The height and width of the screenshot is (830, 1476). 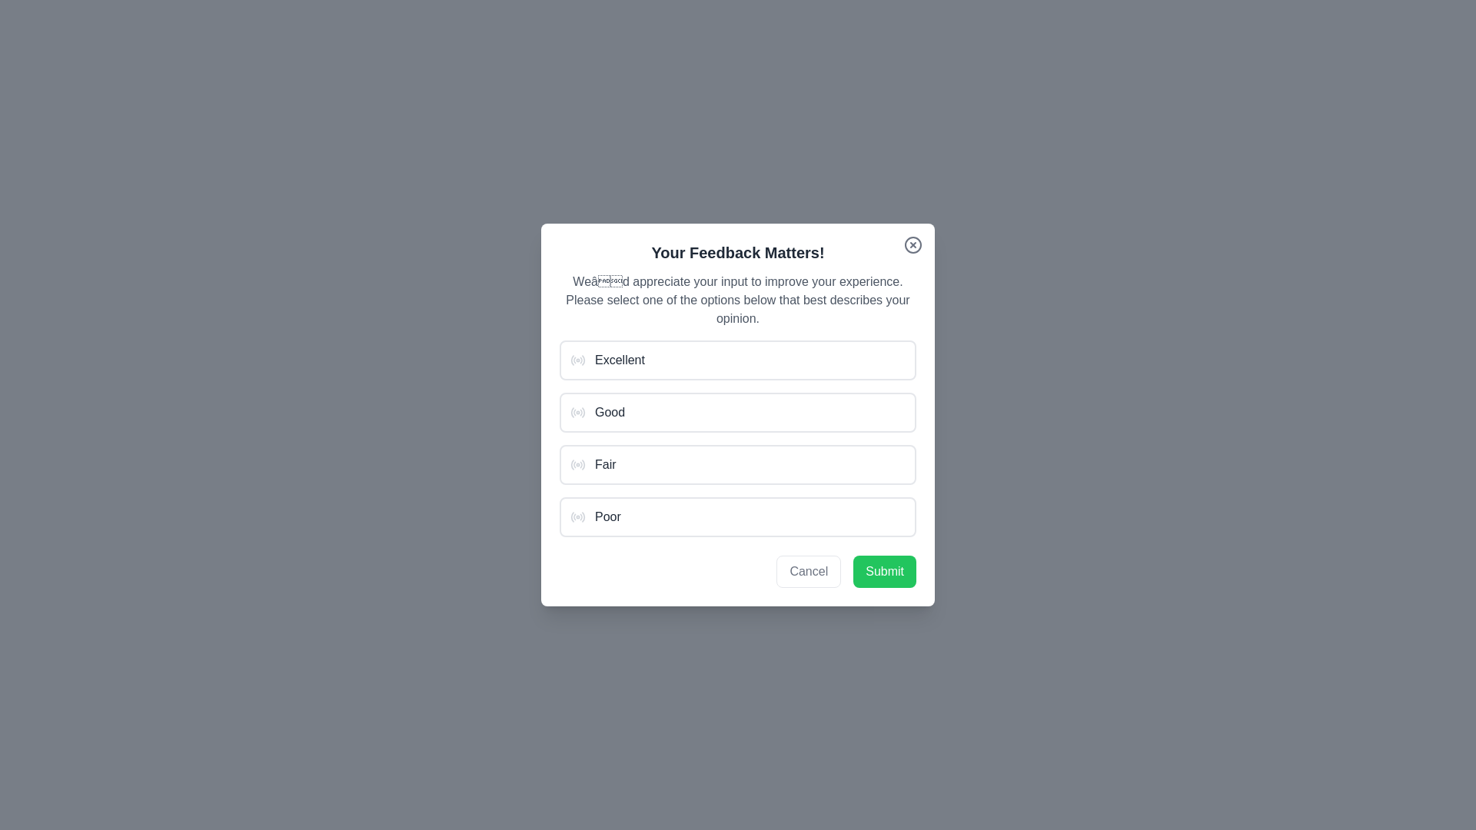 What do you see at coordinates (885, 572) in the screenshot?
I see `Submit button to confirm the selected option` at bounding box center [885, 572].